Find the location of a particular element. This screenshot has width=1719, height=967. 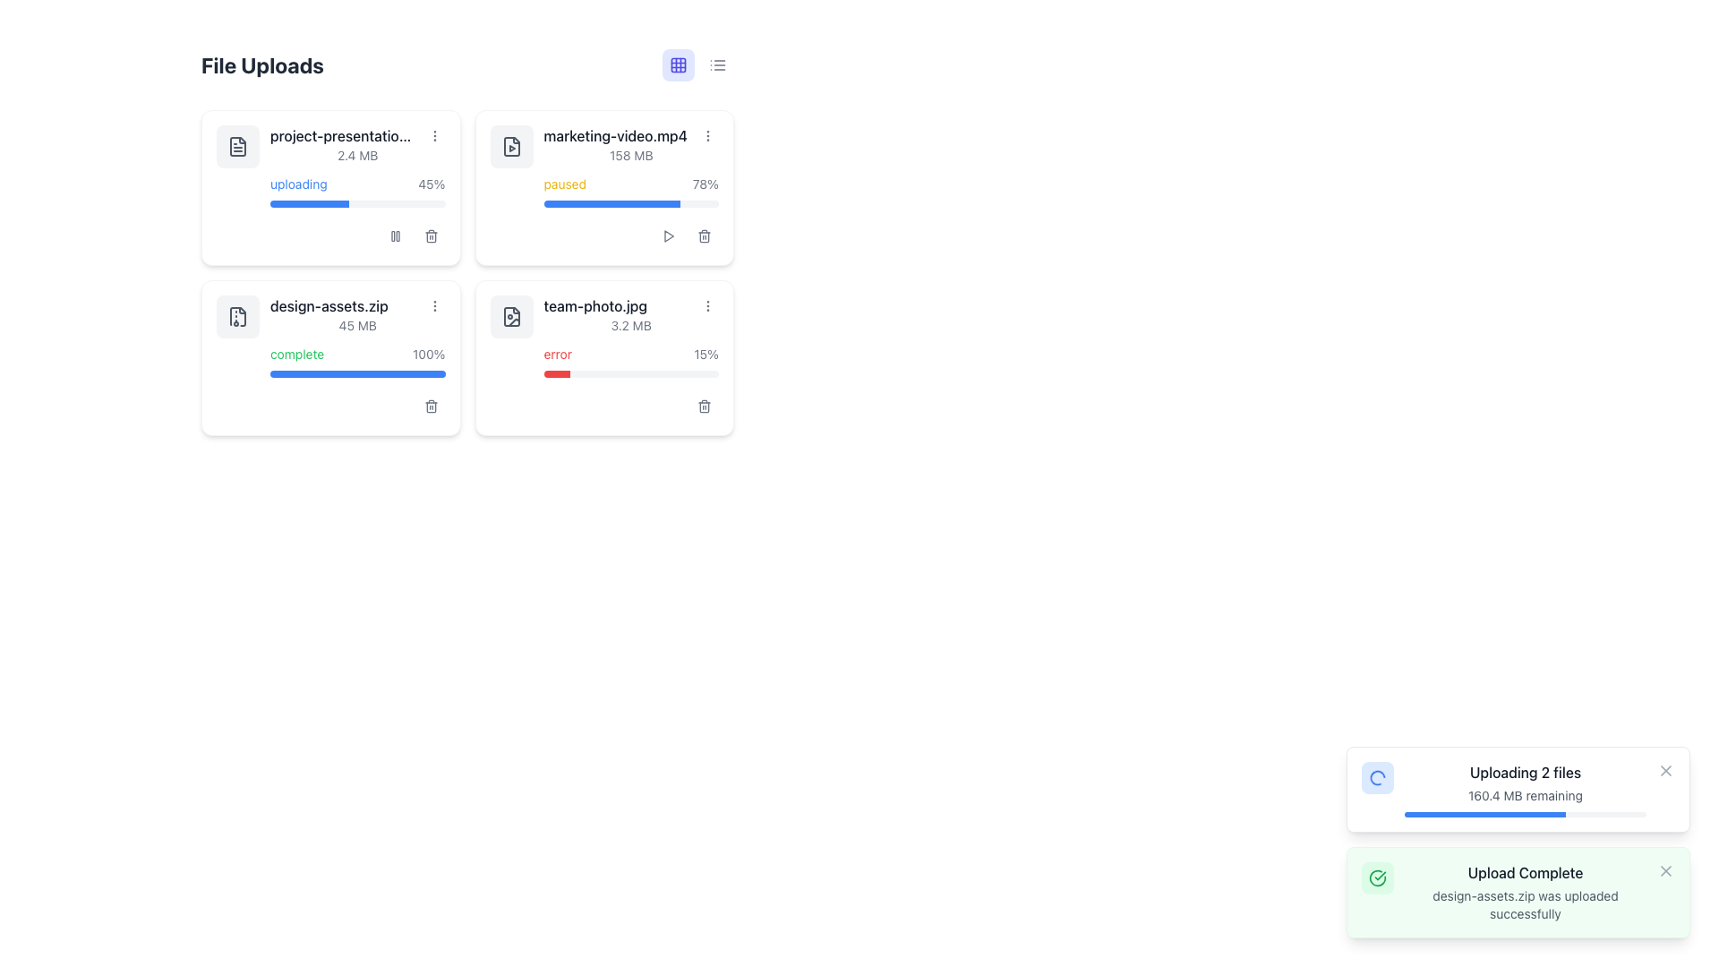

the SVG icon that indicates the associated file is a video, located in the second row, first column of the grid for the marketing-video.mp4 file is located at coordinates (510, 146).